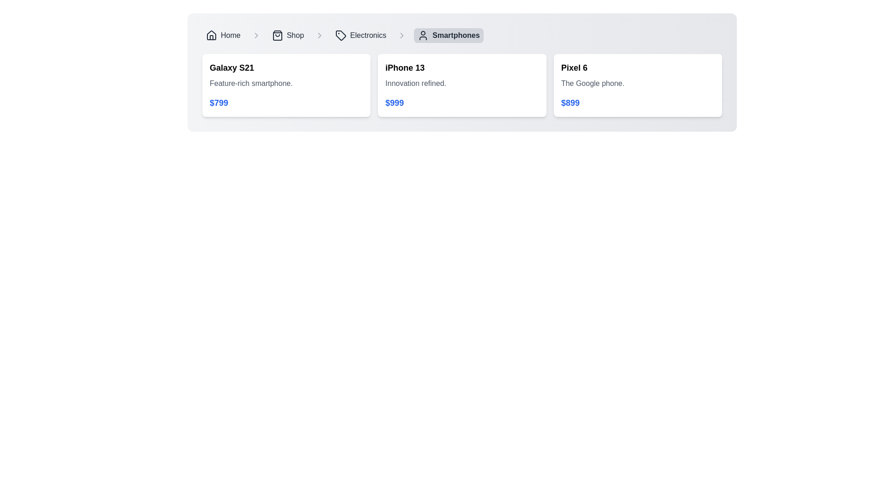 This screenshot has height=499, width=887. Describe the element at coordinates (286, 85) in the screenshot. I see `the Galaxy S21 smartphone card` at that location.